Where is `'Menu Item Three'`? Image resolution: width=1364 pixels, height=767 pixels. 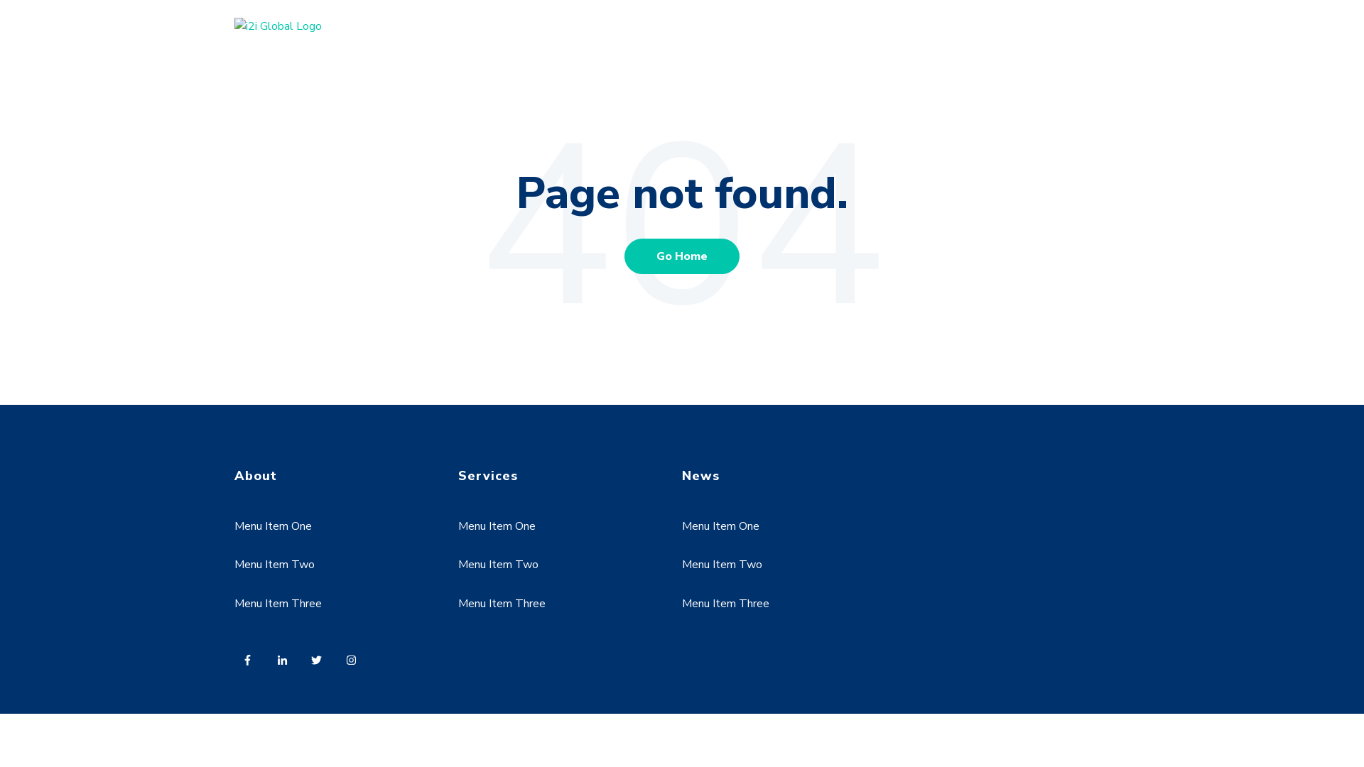 'Menu Item Three' is located at coordinates (278, 603).